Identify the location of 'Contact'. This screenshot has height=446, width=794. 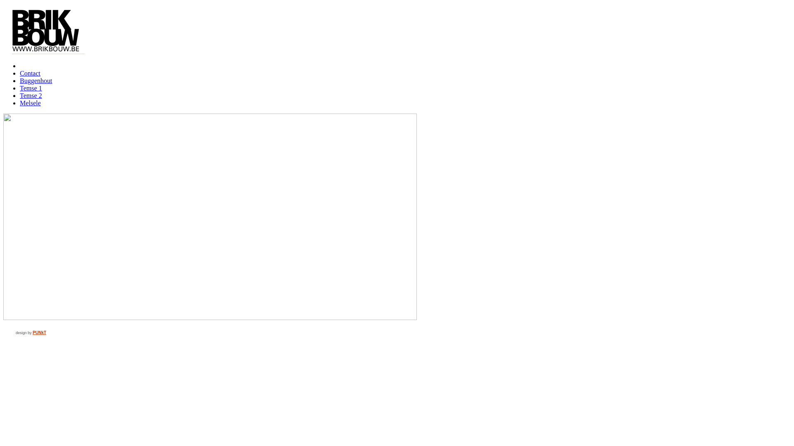
(30, 73).